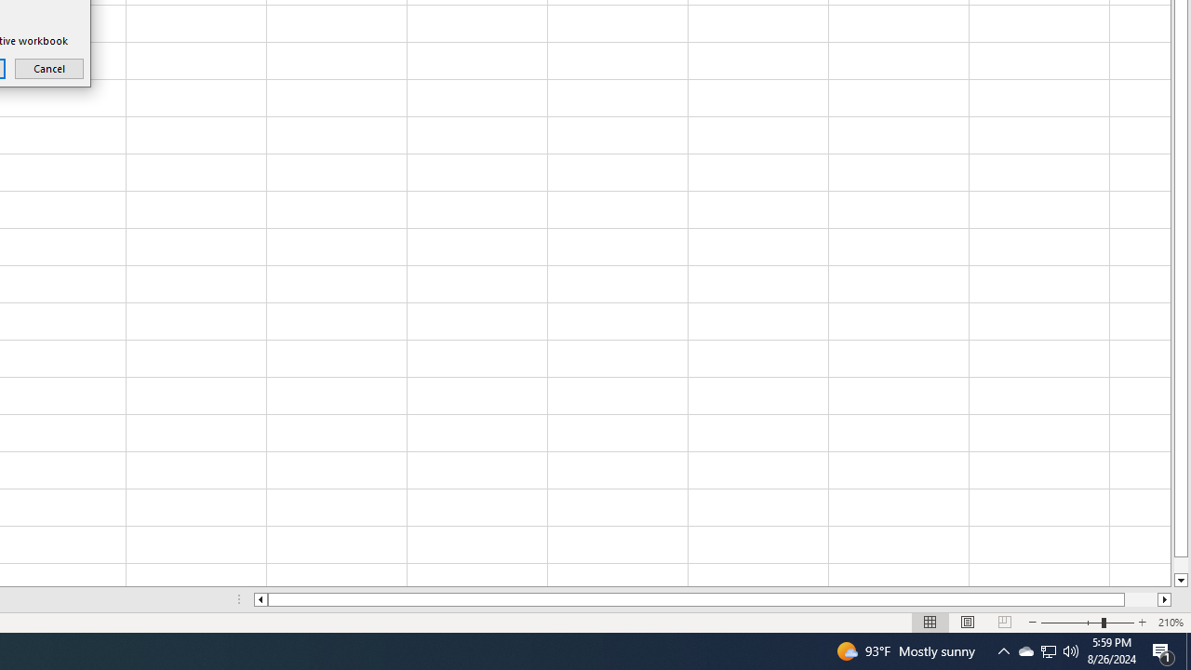 This screenshot has width=1191, height=670. Describe the element at coordinates (1187, 650) in the screenshot. I see `'Show desktop'` at that location.